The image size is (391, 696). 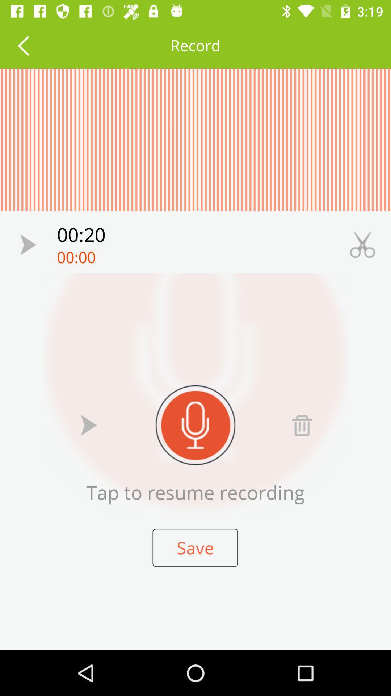 I want to click on the item above the tap to resume, so click(x=195, y=425).